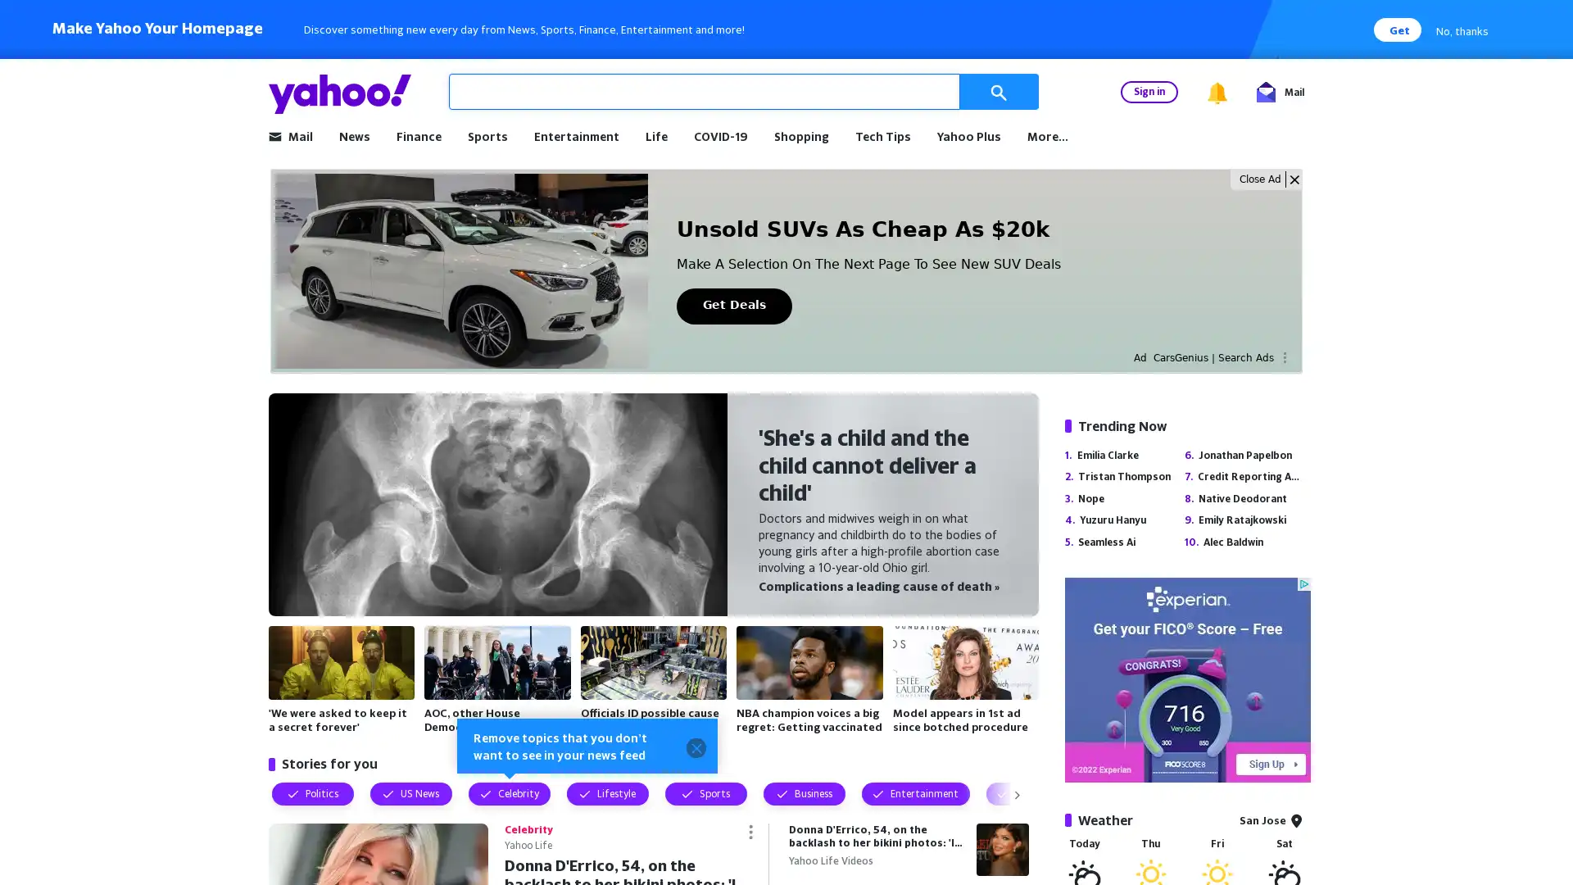  I want to click on Get, so click(1396, 29).